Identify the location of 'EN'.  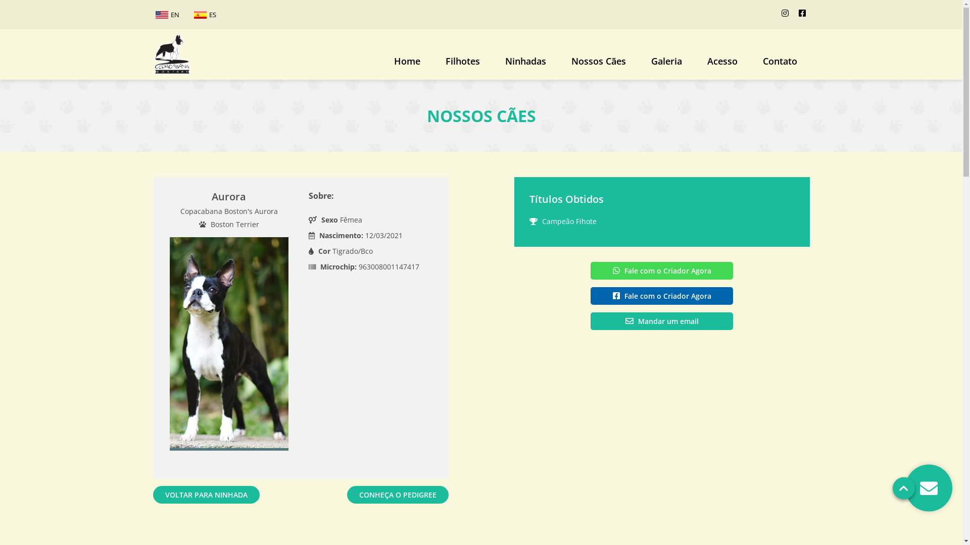
(152, 15).